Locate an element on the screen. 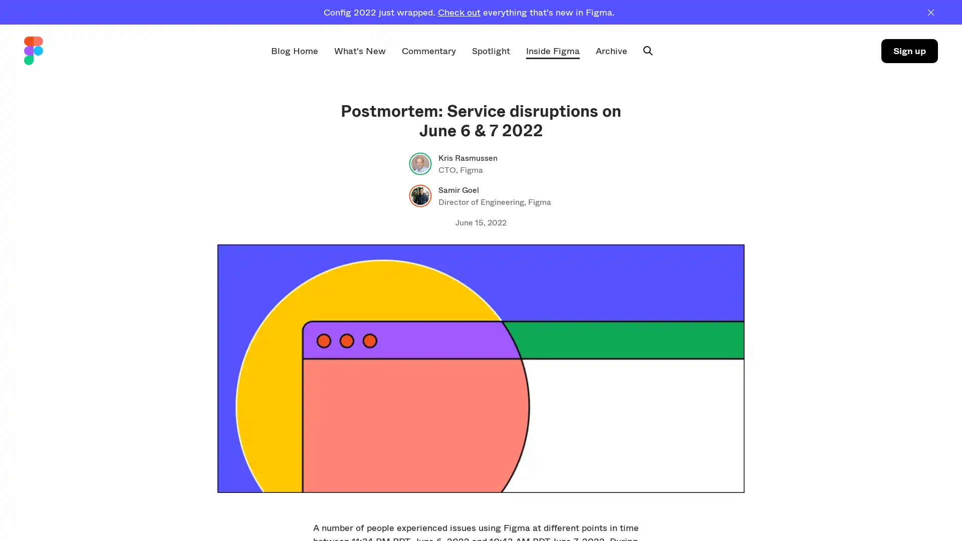  Sign up is located at coordinates (909, 50).